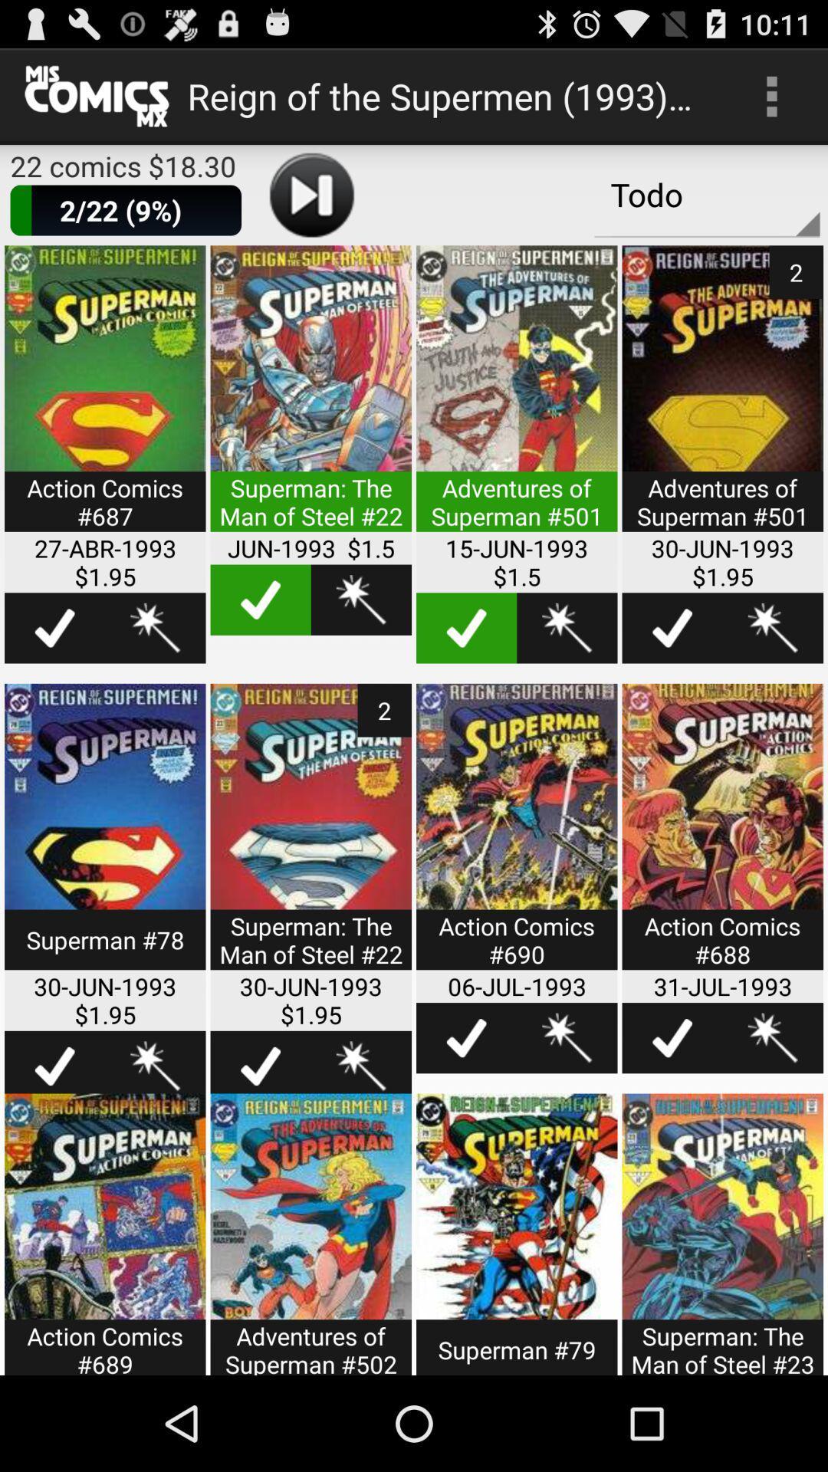  What do you see at coordinates (567, 1038) in the screenshot?
I see `favorite` at bounding box center [567, 1038].